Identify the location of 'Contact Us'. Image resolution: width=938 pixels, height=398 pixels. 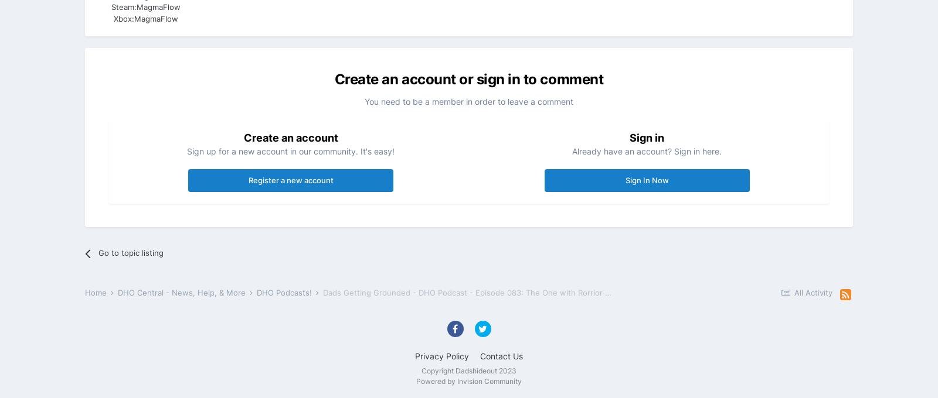
(480, 355).